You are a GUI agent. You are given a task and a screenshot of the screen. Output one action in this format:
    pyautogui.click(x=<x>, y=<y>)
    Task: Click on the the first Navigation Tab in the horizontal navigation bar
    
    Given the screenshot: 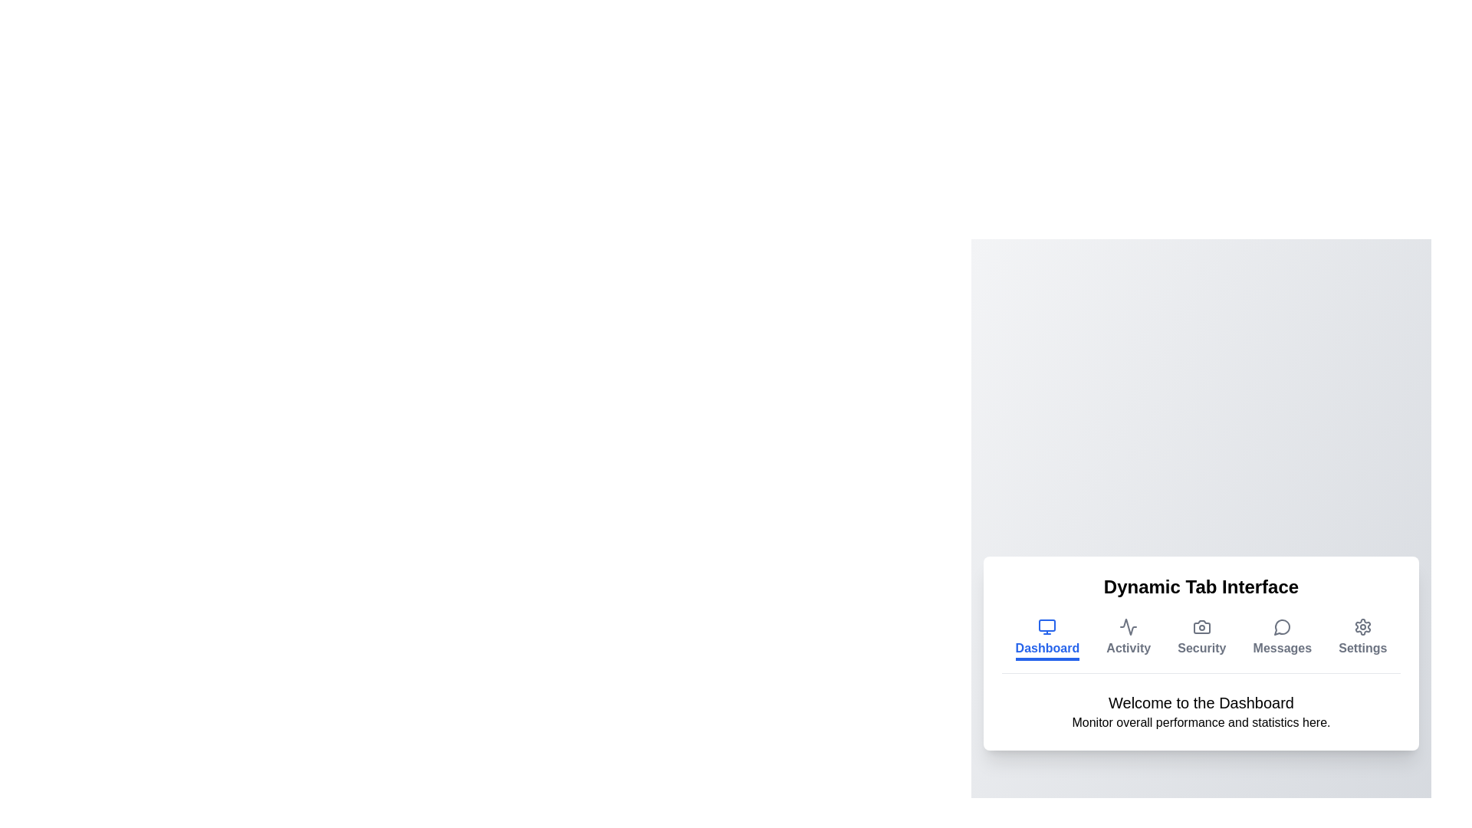 What is the action you would take?
    pyautogui.click(x=1046, y=639)
    